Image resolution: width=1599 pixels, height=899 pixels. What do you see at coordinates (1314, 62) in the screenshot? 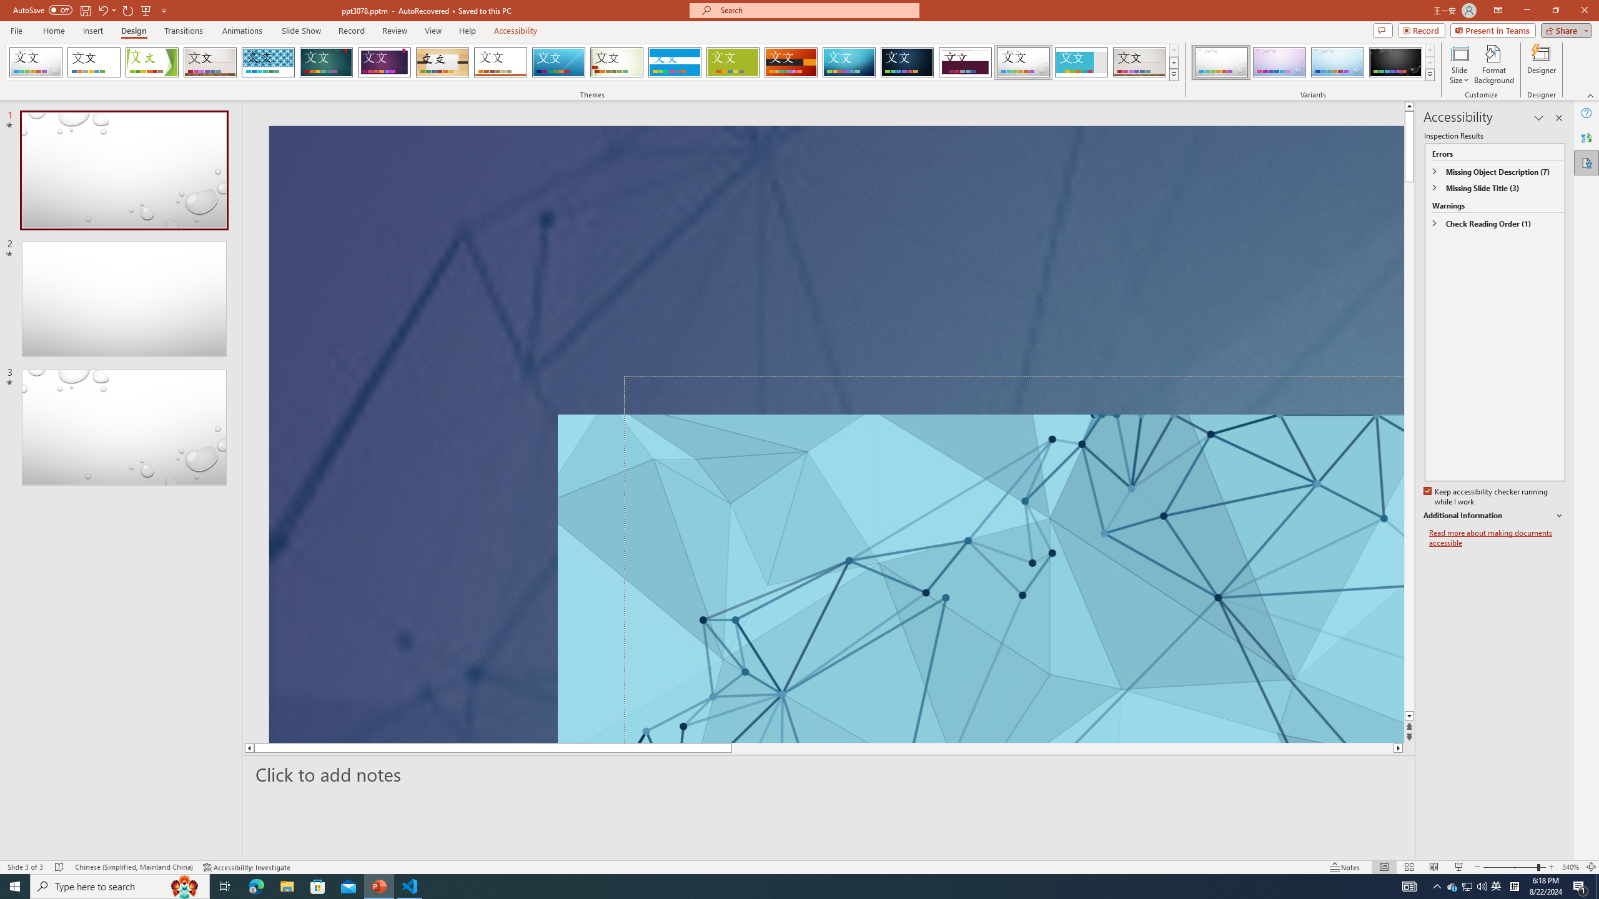
I see `'AutomationID: ThemeVariantsGallery'` at bounding box center [1314, 62].